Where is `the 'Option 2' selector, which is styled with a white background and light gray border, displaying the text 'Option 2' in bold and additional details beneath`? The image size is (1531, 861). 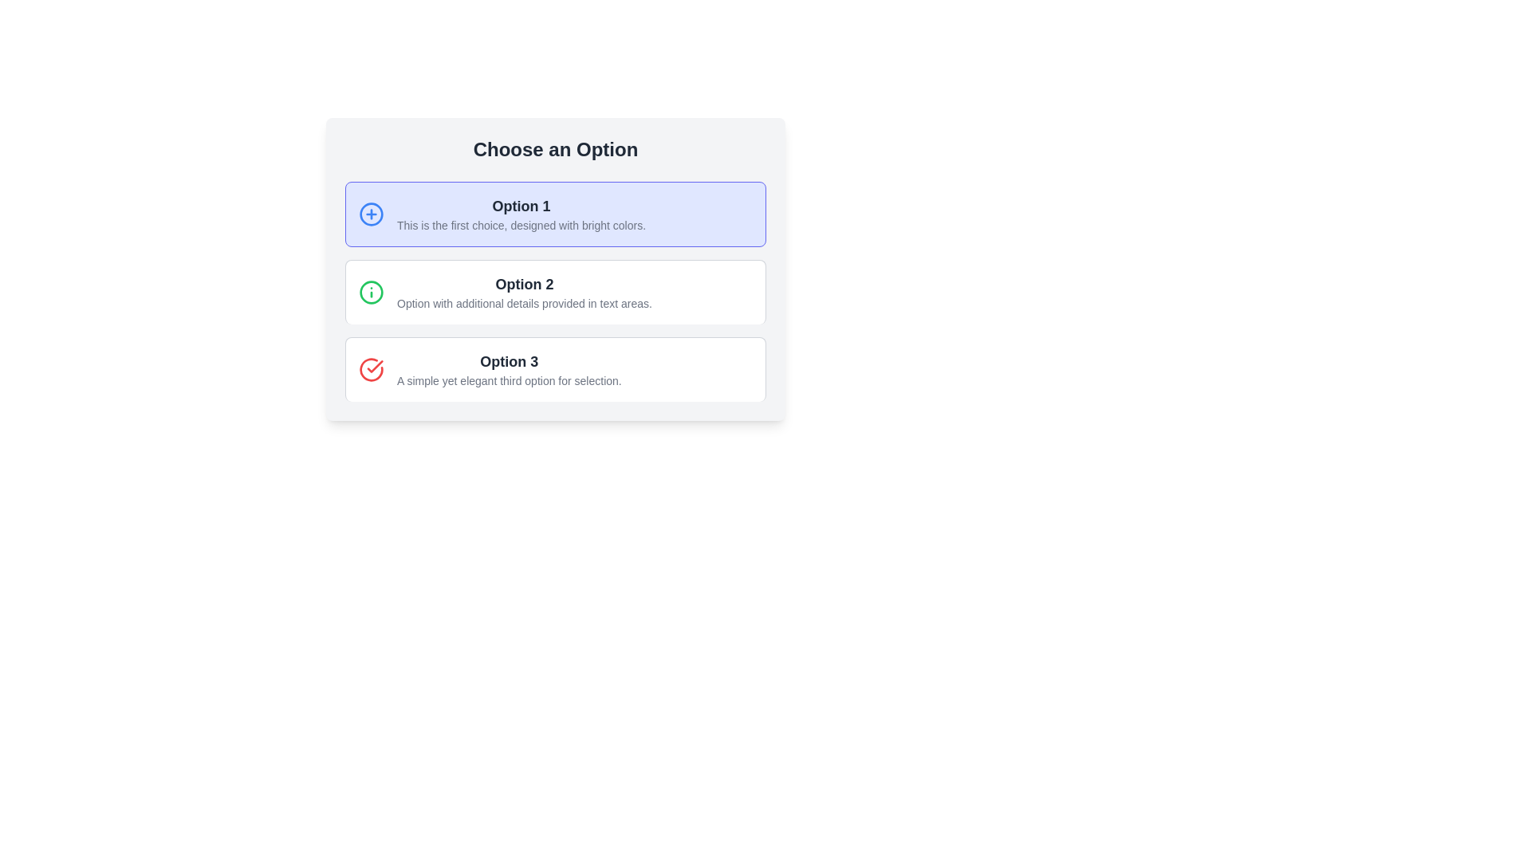 the 'Option 2' selector, which is styled with a white background and light gray border, displaying the text 'Option 2' in bold and additional details beneath is located at coordinates (555, 292).